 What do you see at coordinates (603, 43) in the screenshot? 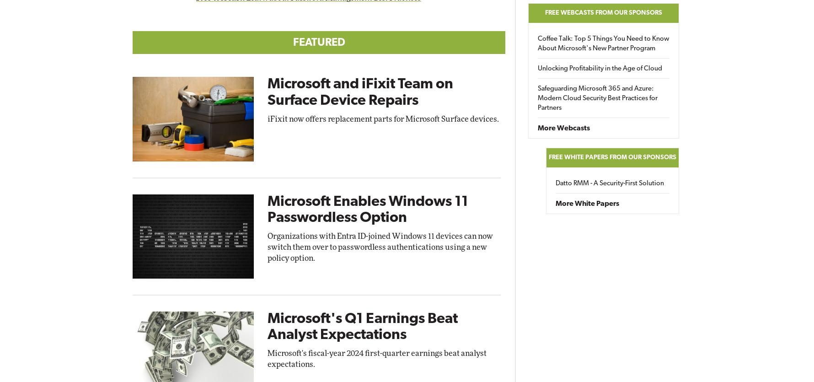
I see `'Coffee Talk: Top 5 Things You Need to Know About Microsoft's New Partner Program'` at bounding box center [603, 43].